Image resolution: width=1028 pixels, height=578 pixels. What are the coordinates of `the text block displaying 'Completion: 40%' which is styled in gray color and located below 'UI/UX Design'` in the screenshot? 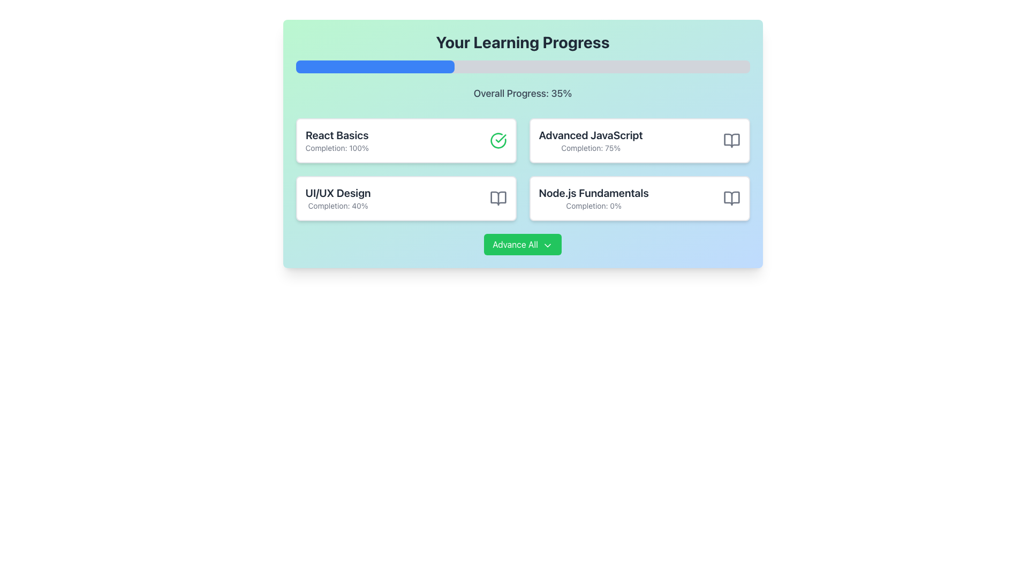 It's located at (337, 206).